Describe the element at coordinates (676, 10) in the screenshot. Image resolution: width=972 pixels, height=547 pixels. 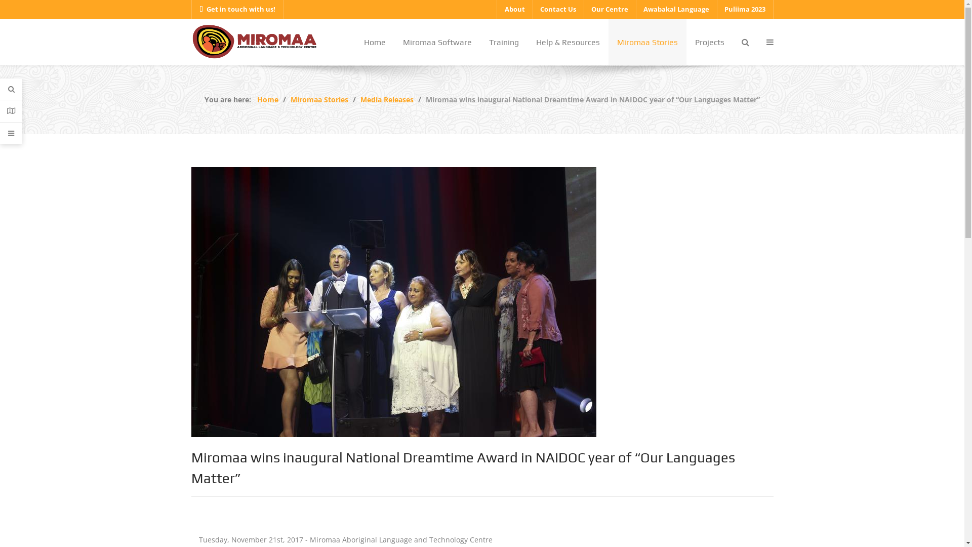
I see `'Awabakal Language'` at that location.